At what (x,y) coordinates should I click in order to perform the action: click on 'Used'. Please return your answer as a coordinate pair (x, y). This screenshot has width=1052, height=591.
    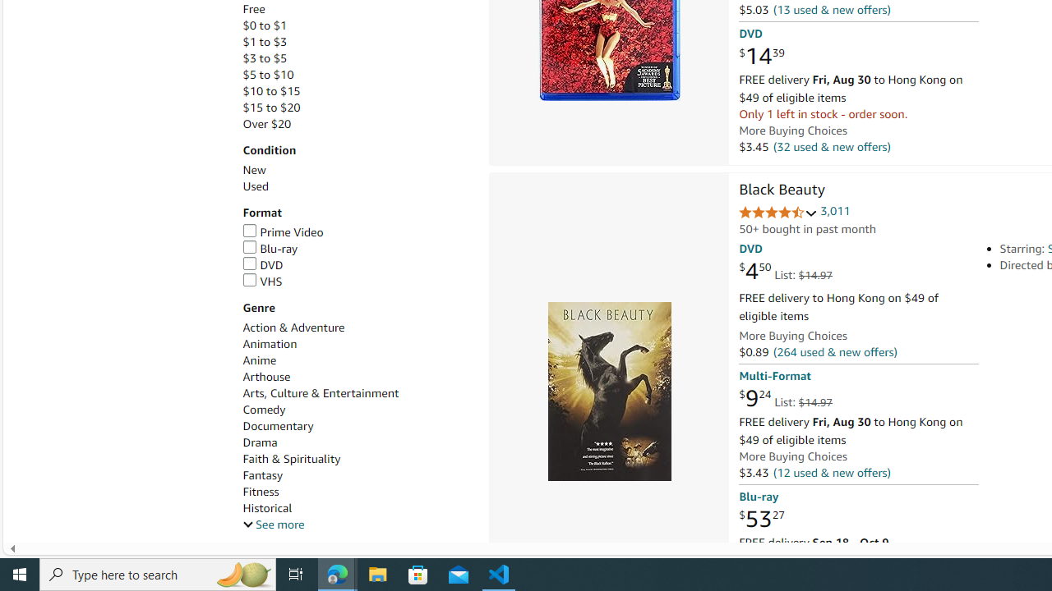
    Looking at the image, I should click on (356, 186).